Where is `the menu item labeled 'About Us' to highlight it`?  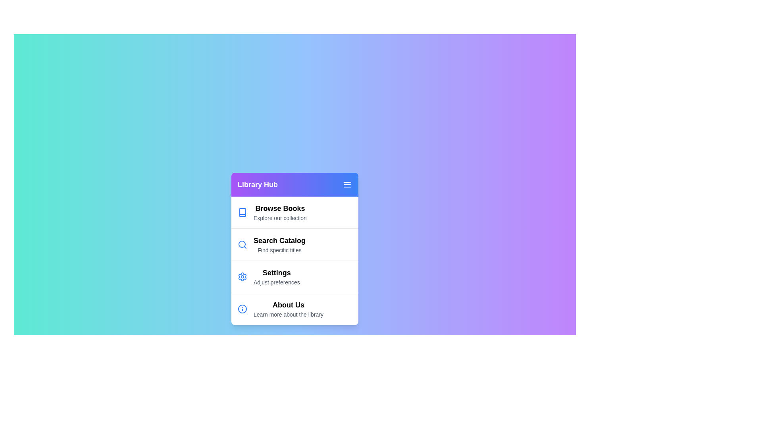
the menu item labeled 'About Us' to highlight it is located at coordinates (294, 308).